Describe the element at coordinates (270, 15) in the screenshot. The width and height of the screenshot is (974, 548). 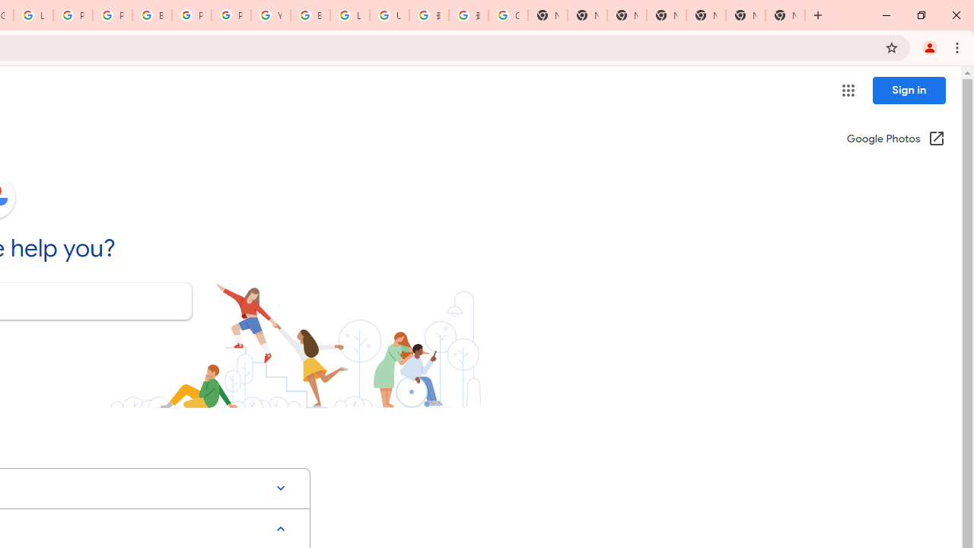
I see `'YouTube'` at that location.